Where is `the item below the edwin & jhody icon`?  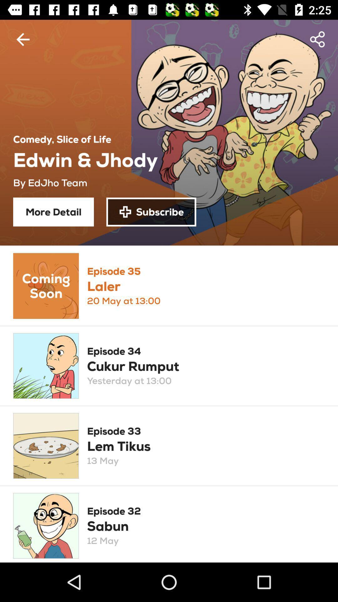 the item below the edwin & jhody icon is located at coordinates (151, 212).